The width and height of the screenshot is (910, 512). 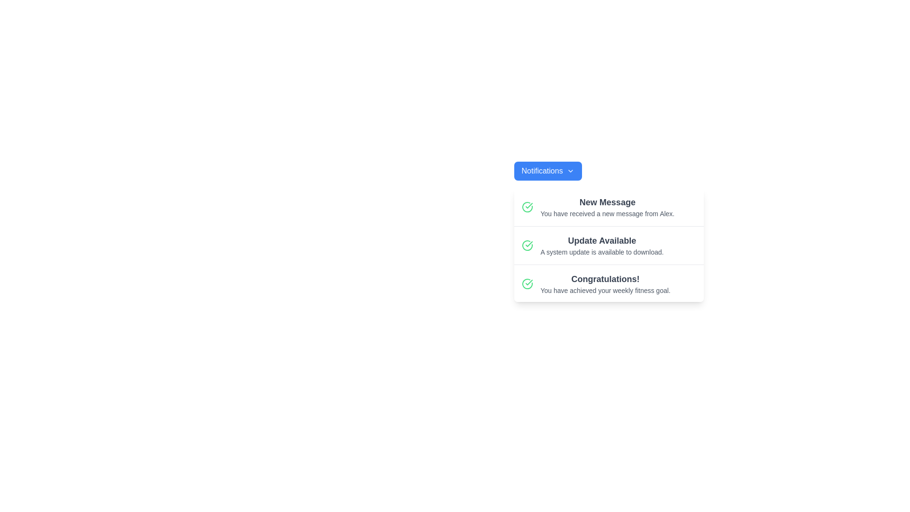 What do you see at coordinates (607, 202) in the screenshot?
I see `the 'New Message' text label, which is prominently styled in bold and larger font, located at the top of the notification card in the dropdown menu under the 'Notifications' button` at bounding box center [607, 202].